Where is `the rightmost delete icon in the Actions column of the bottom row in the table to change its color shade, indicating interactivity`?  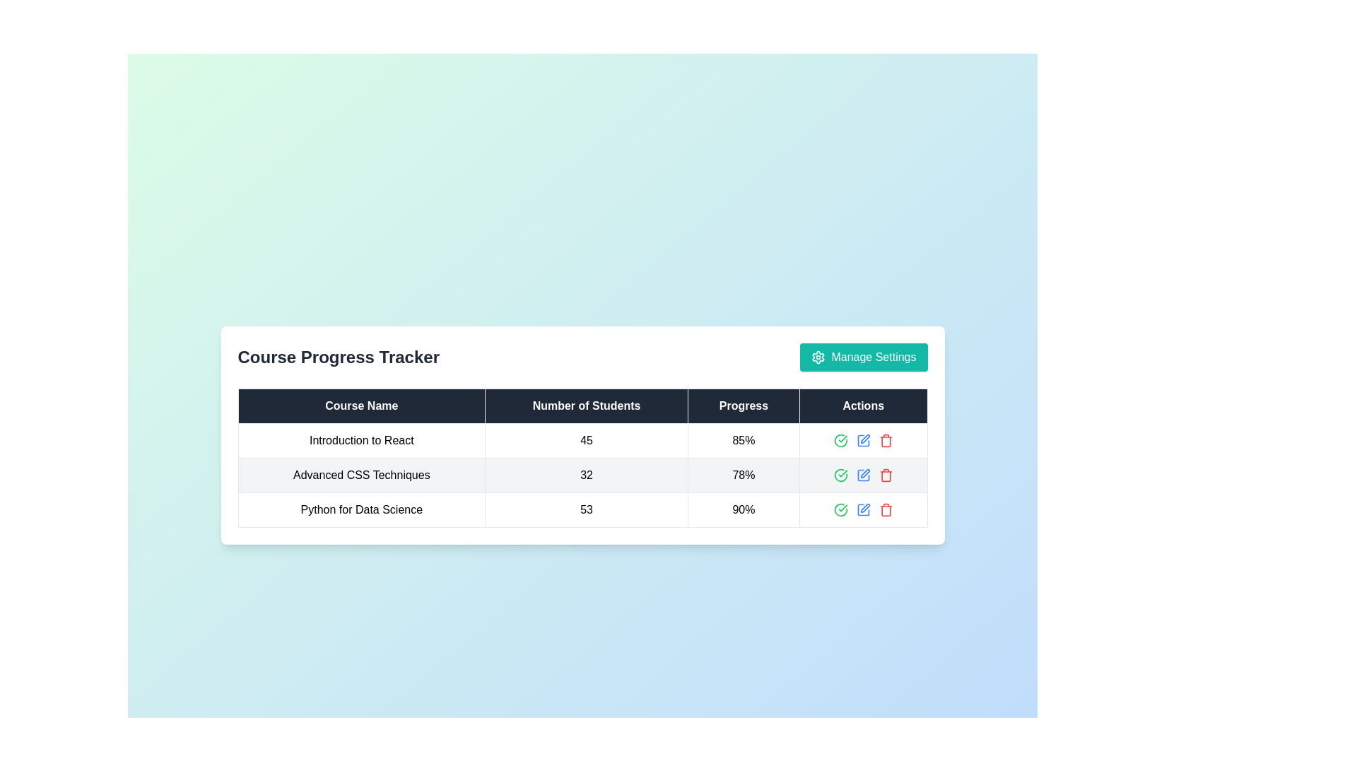
the rightmost delete icon in the Actions column of the bottom row in the table to change its color shade, indicating interactivity is located at coordinates (885, 509).